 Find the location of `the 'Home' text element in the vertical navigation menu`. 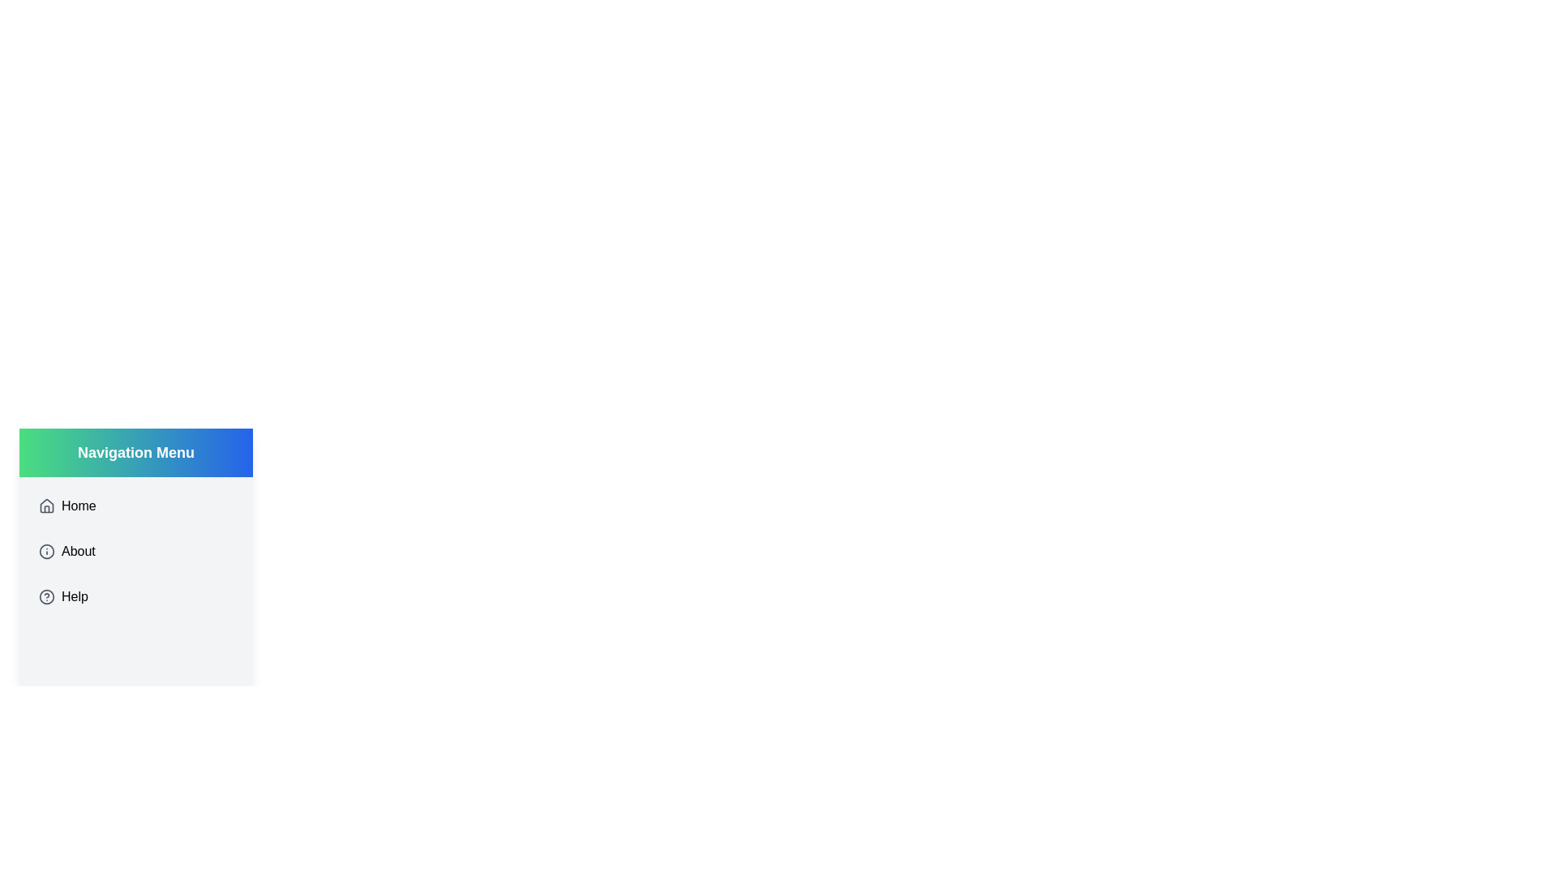

the 'Home' text element in the vertical navigation menu is located at coordinates (78, 505).